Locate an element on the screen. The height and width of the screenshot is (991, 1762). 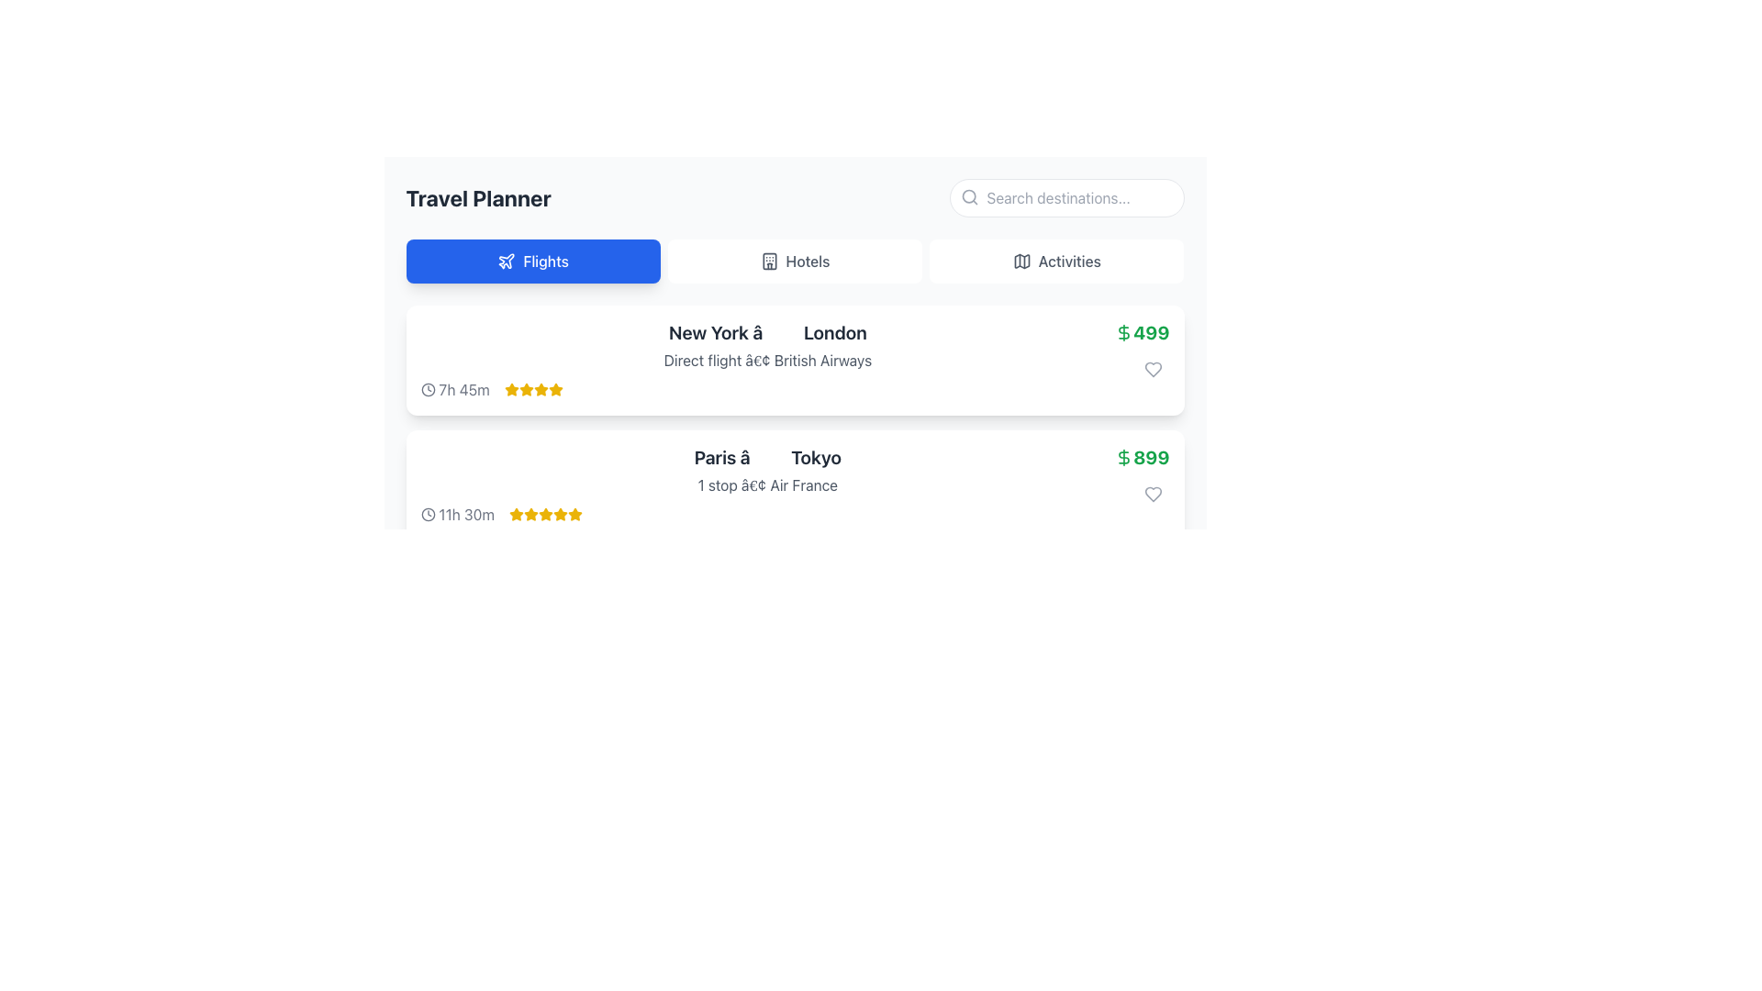
the third star icon in the rating system to interact with its rating value is located at coordinates (530, 514).